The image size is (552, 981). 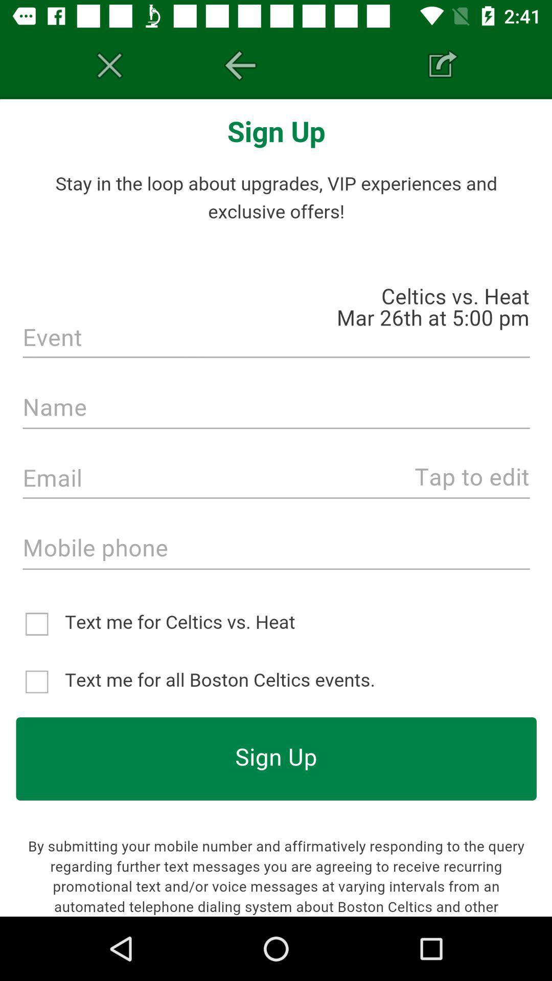 I want to click on cancel sign up, so click(x=109, y=65).